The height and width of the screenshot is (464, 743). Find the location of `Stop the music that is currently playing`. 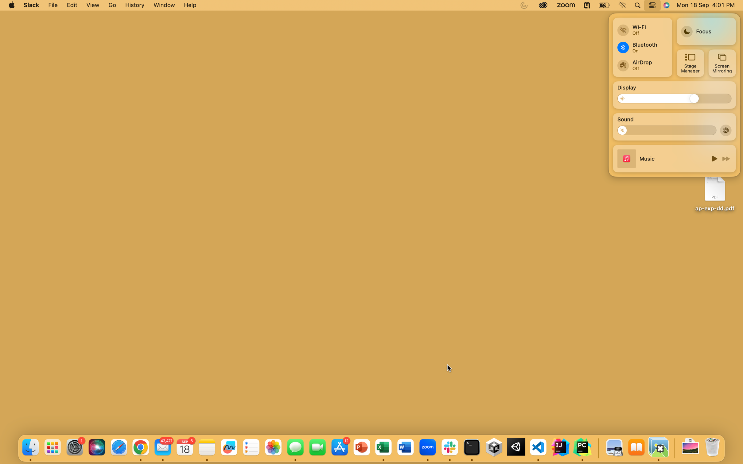

Stop the music that is currently playing is located at coordinates (713, 158).